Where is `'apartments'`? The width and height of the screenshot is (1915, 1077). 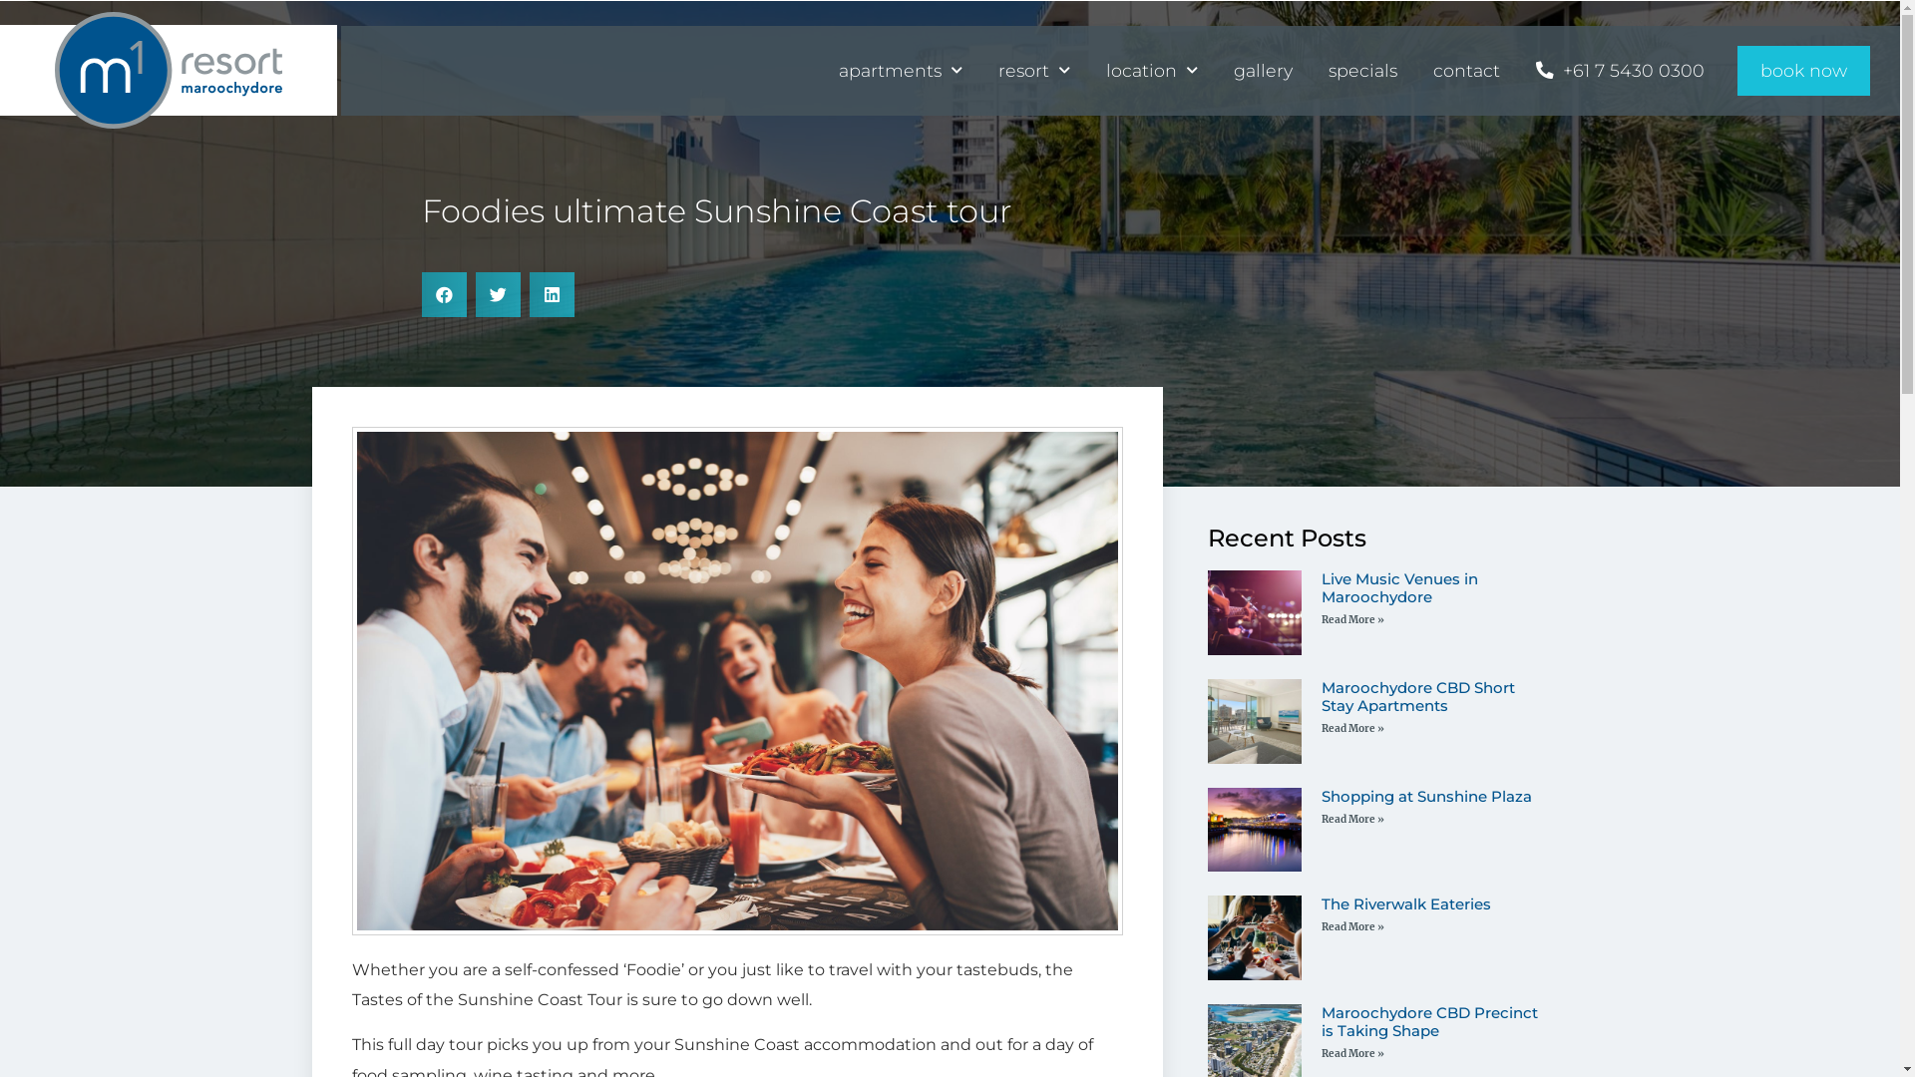
'apartments' is located at coordinates (899, 69).